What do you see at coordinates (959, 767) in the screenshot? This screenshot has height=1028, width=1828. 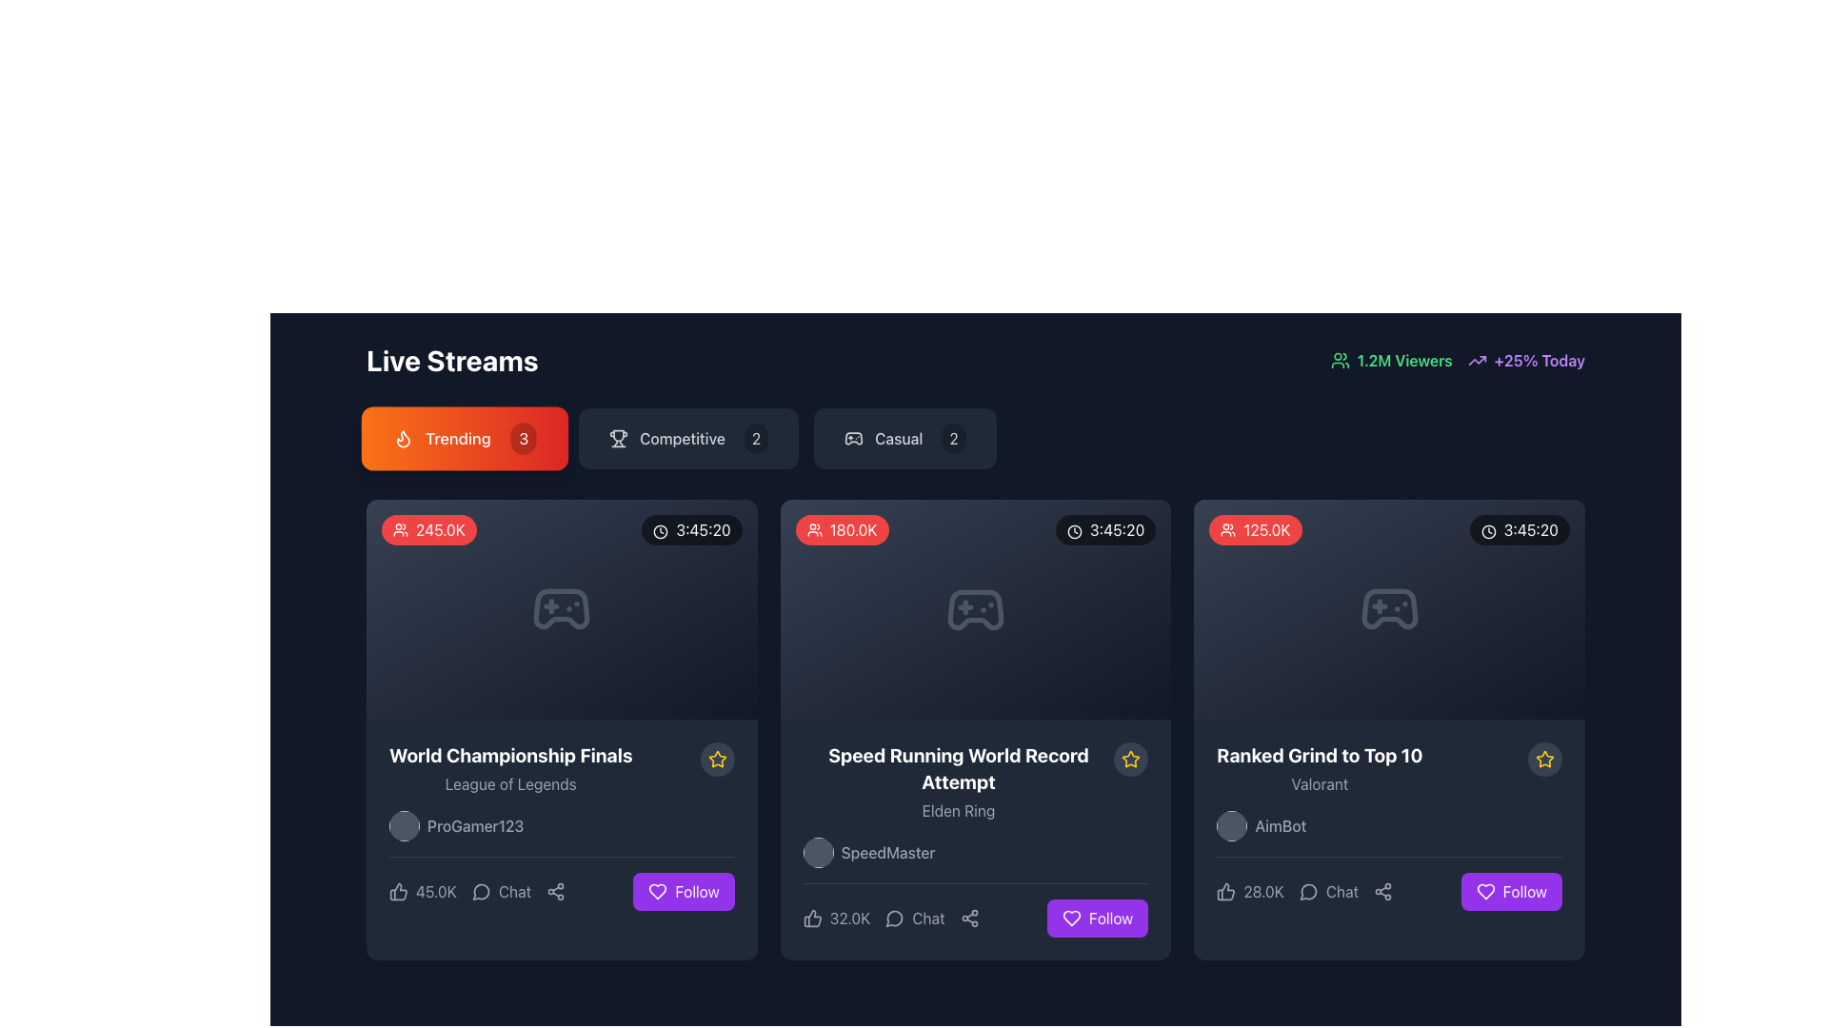 I see `the bold, white text label displaying 'Speed Running World Record Attempt'` at bounding box center [959, 767].